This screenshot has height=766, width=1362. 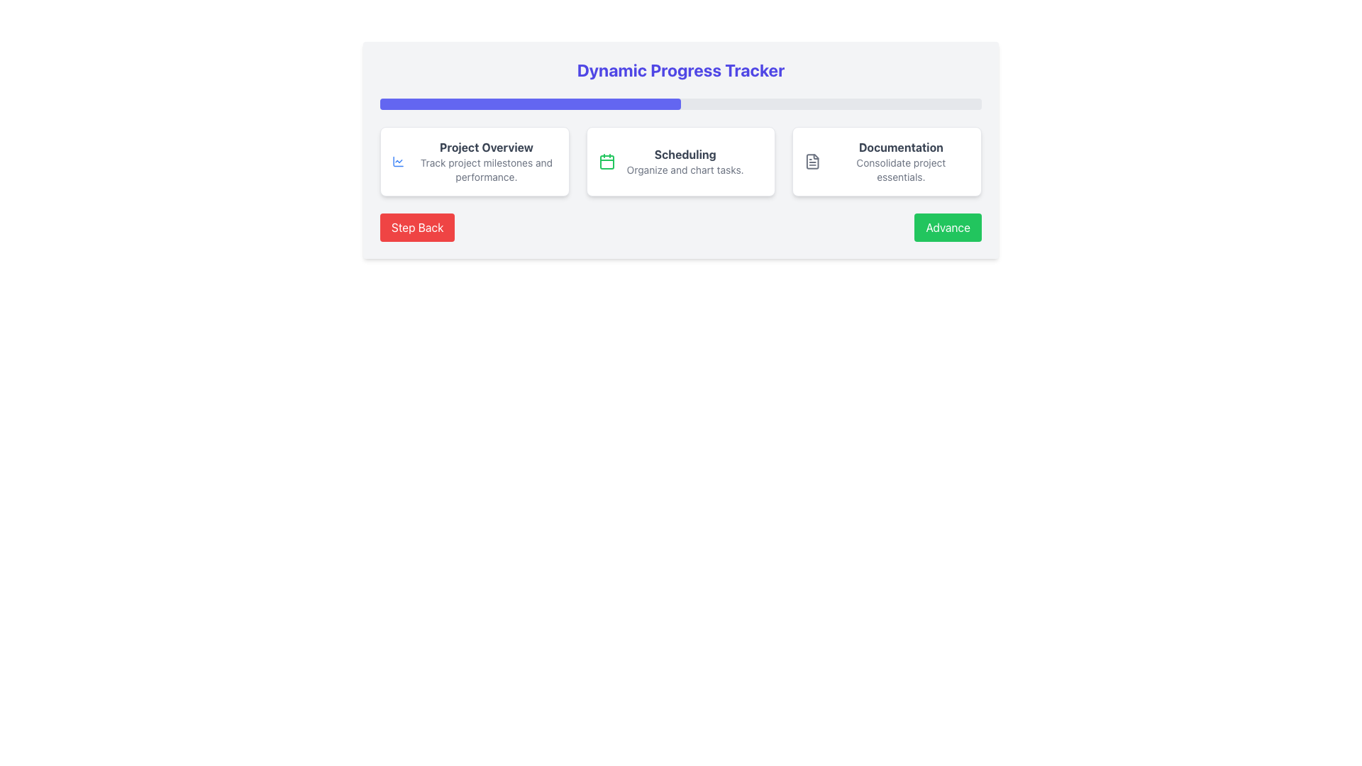 I want to click on the descriptive heading Text component that informs users about the section's content related to organizing and charting tasks, to focus on the section, so click(x=685, y=155).